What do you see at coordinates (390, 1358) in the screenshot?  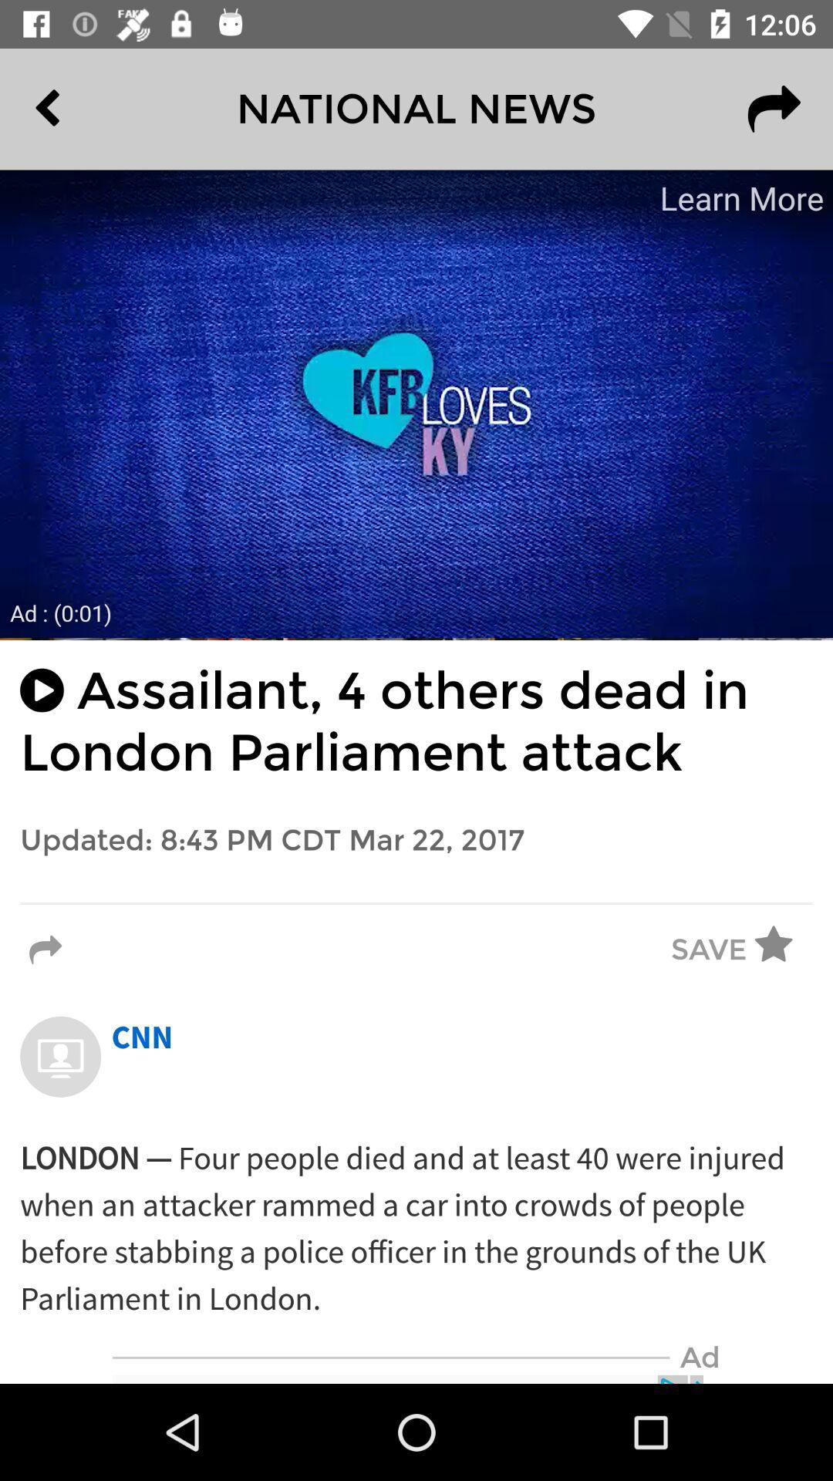 I see `item to the left of ad item` at bounding box center [390, 1358].